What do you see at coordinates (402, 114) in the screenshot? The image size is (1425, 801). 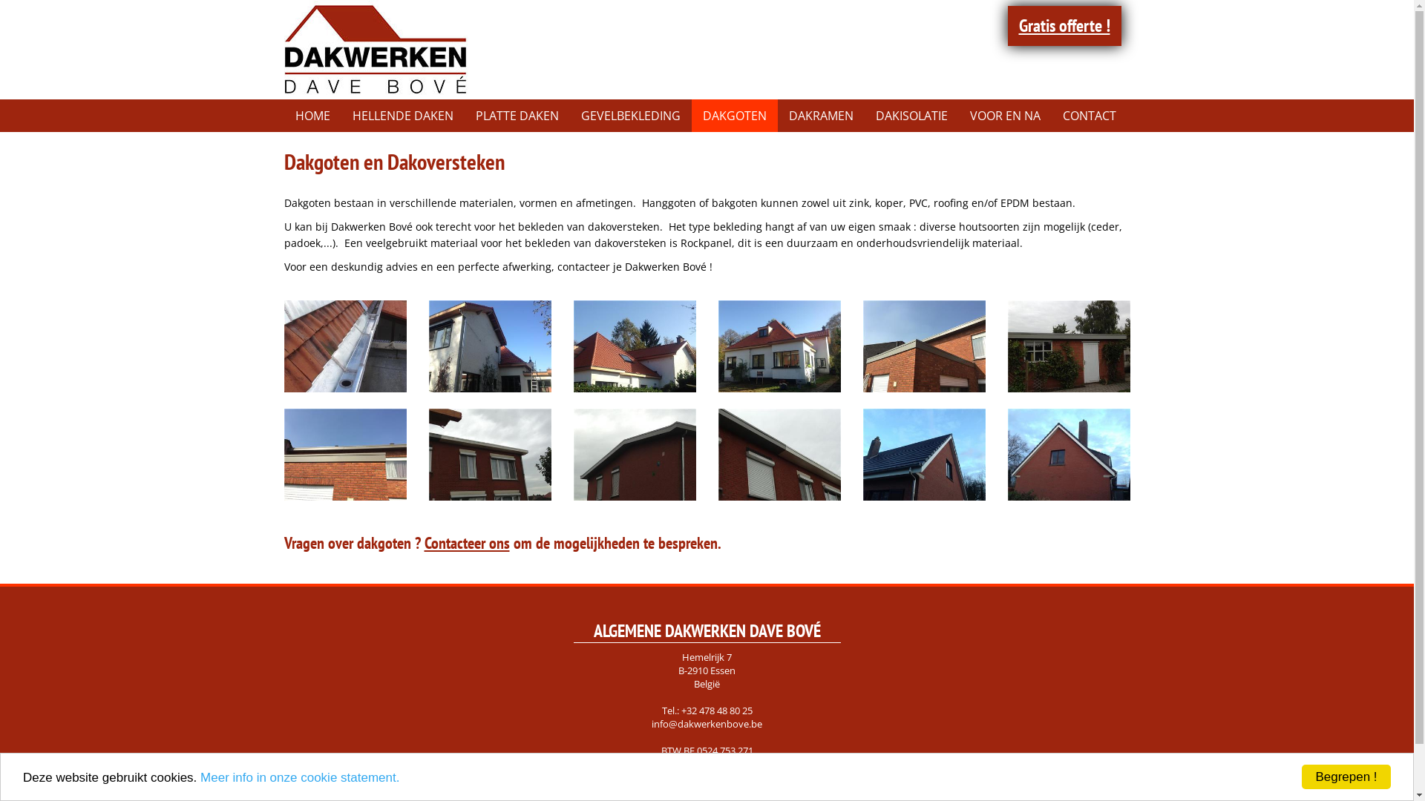 I see `'HELLENDE DAKEN'` at bounding box center [402, 114].